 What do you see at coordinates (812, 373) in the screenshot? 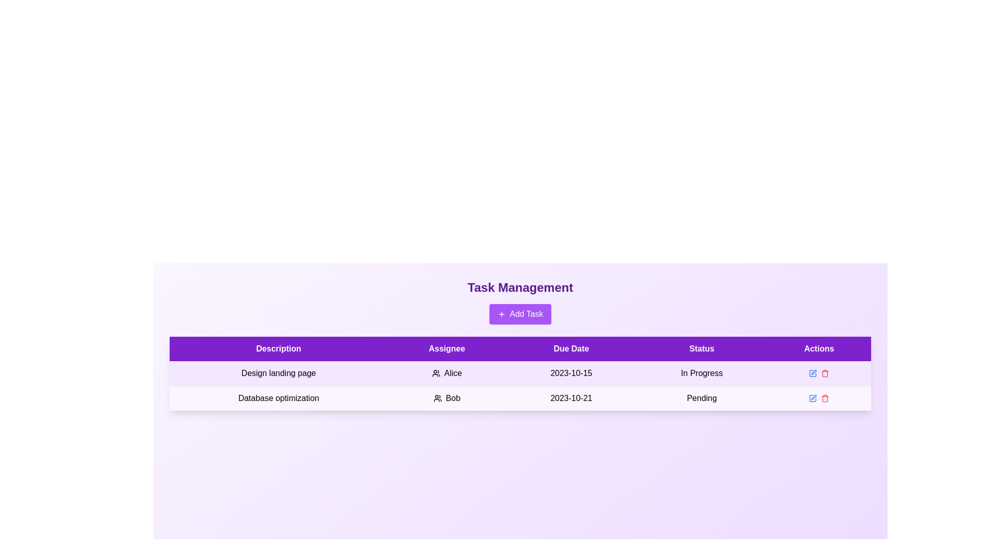
I see `the edit button with an icon in the 'Actions' column of the second row of the task table` at bounding box center [812, 373].